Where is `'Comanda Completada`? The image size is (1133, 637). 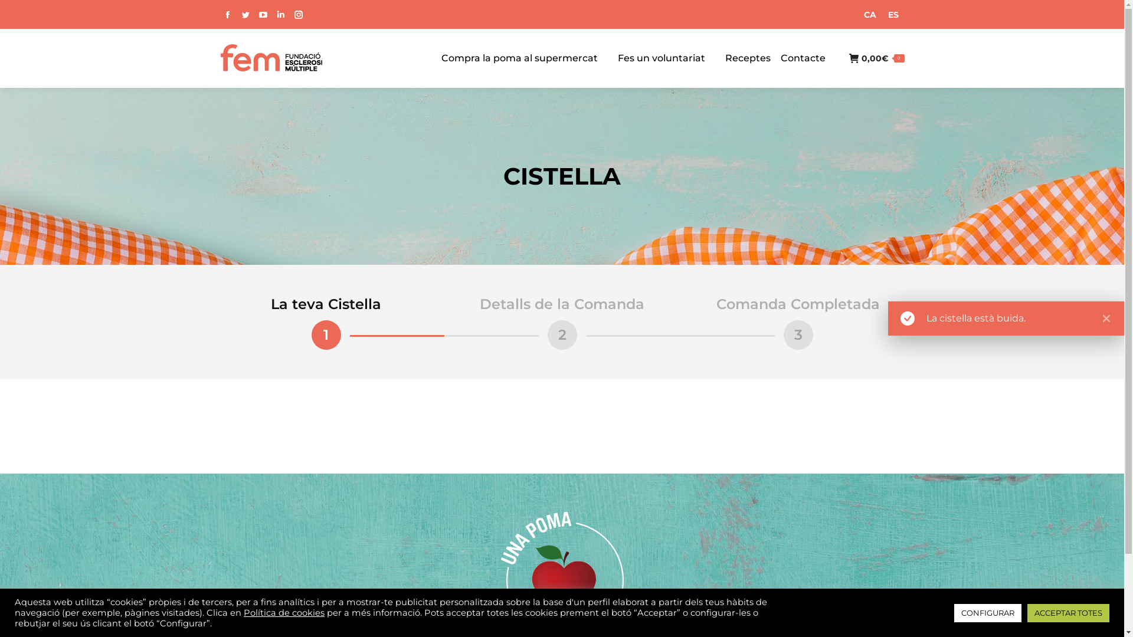 'Comanda Completada is located at coordinates (798, 322).